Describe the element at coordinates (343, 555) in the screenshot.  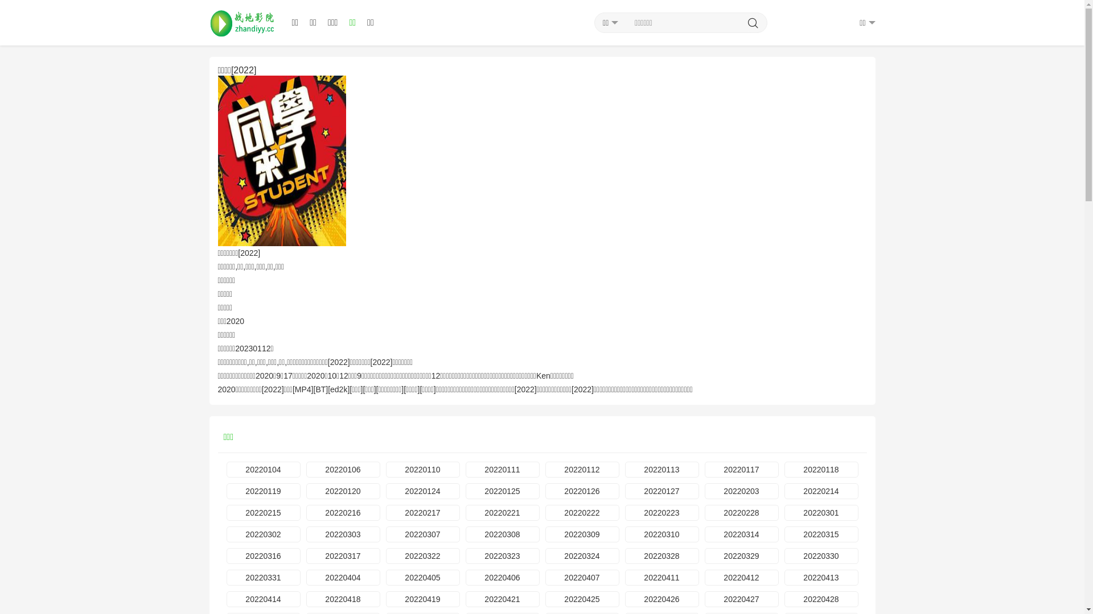
I see `'20220317'` at that location.